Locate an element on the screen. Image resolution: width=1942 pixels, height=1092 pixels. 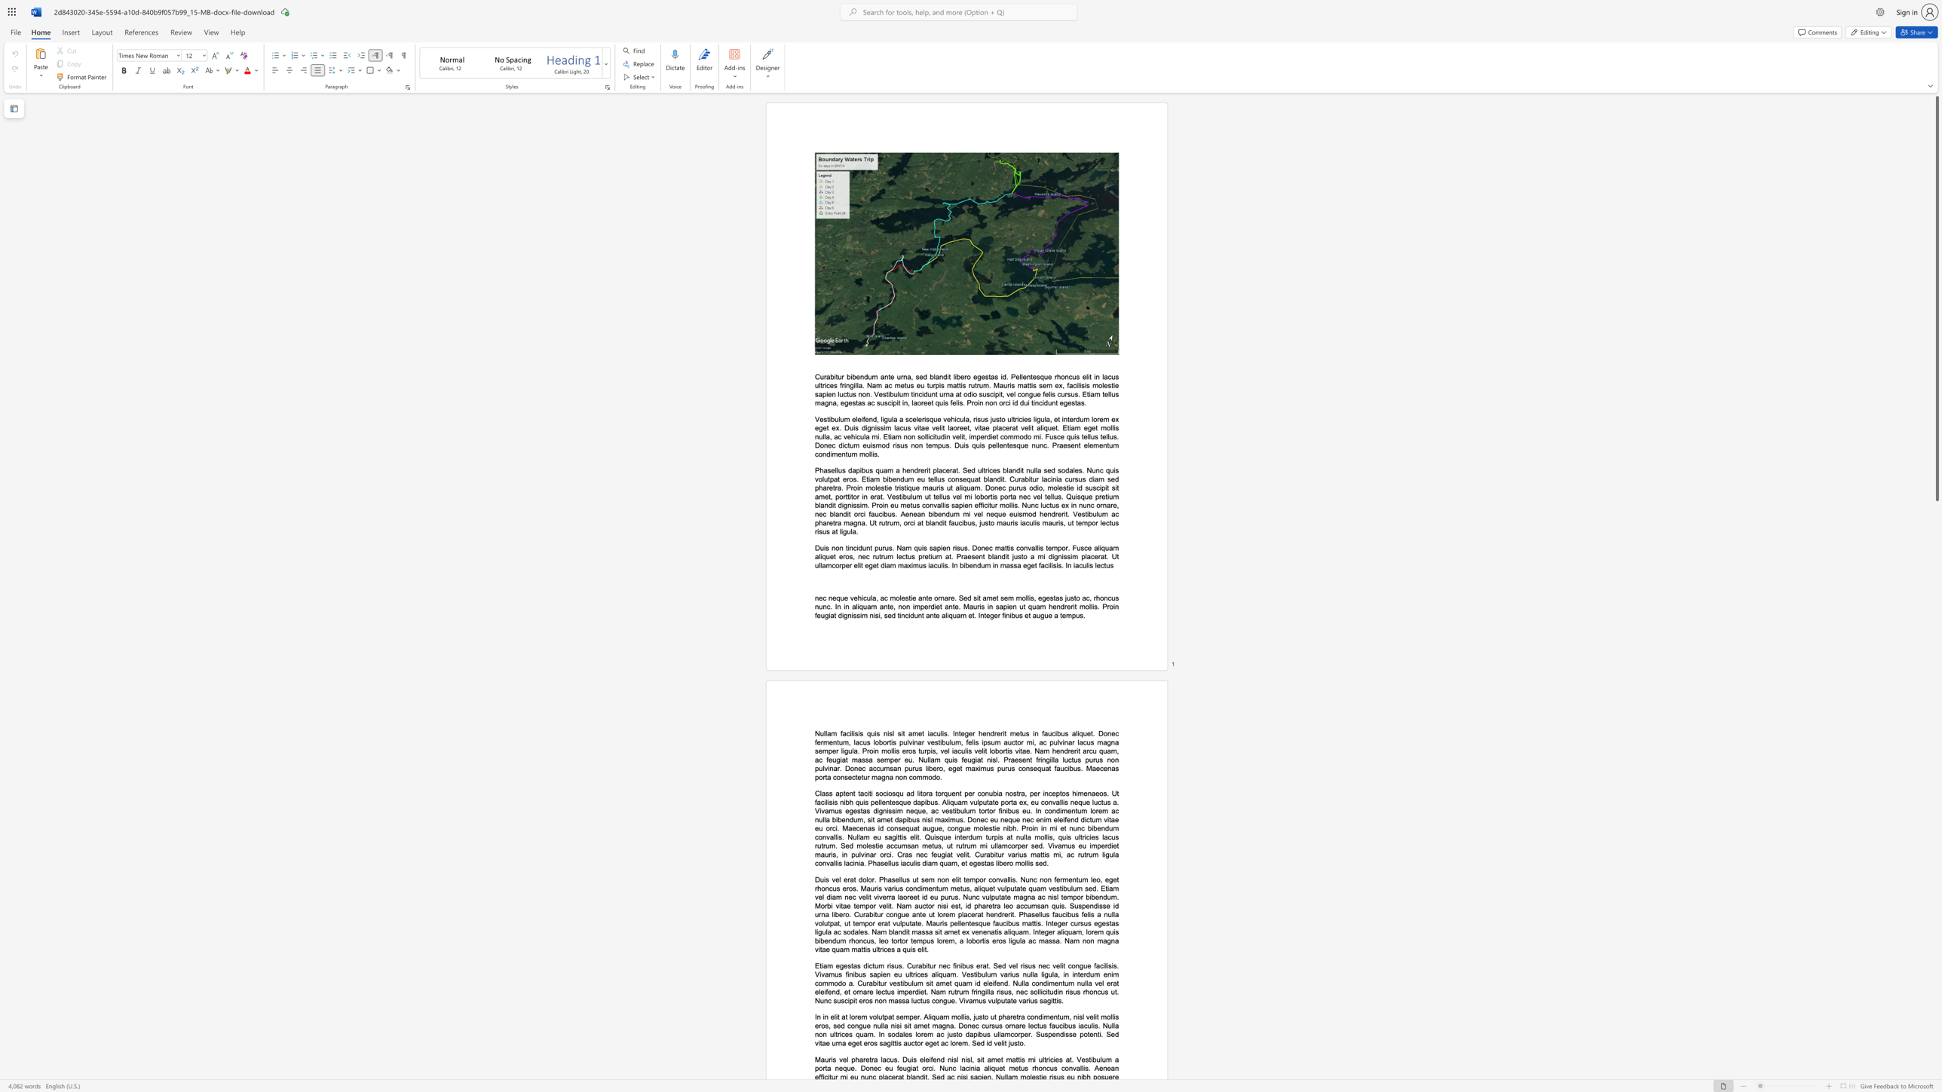
the subset text "quat faucibus. Maecenas porta consectetu" within the text "semper ligula. Proin mollis eros turpis, vel iaculis velit lobortis vitae. Nam hendrerit arcu quam, ac feugiat massa semper eu. Nullam quis feugiat nisl. Praesent fringilla luctus purus non pulvinar. Donec accumsan purus libero, eget maximus purus consequat faucibus. Maecenas porta consectetur magna non commodo." is located at coordinates (1037, 767).